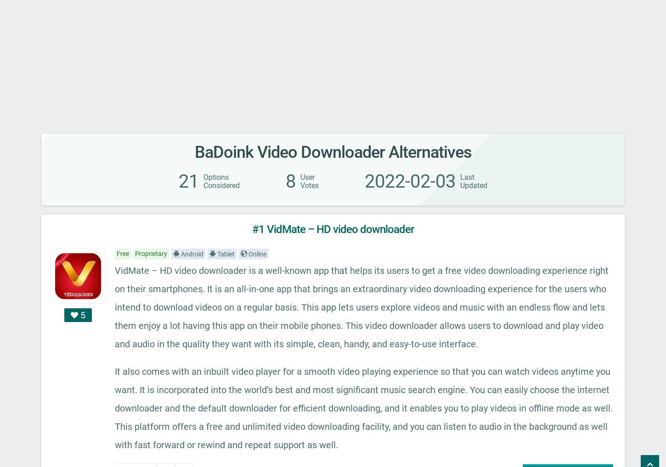 This screenshot has height=467, width=666. What do you see at coordinates (332, 151) in the screenshot?
I see `'BaDoink Video Downloader Alternatives'` at bounding box center [332, 151].